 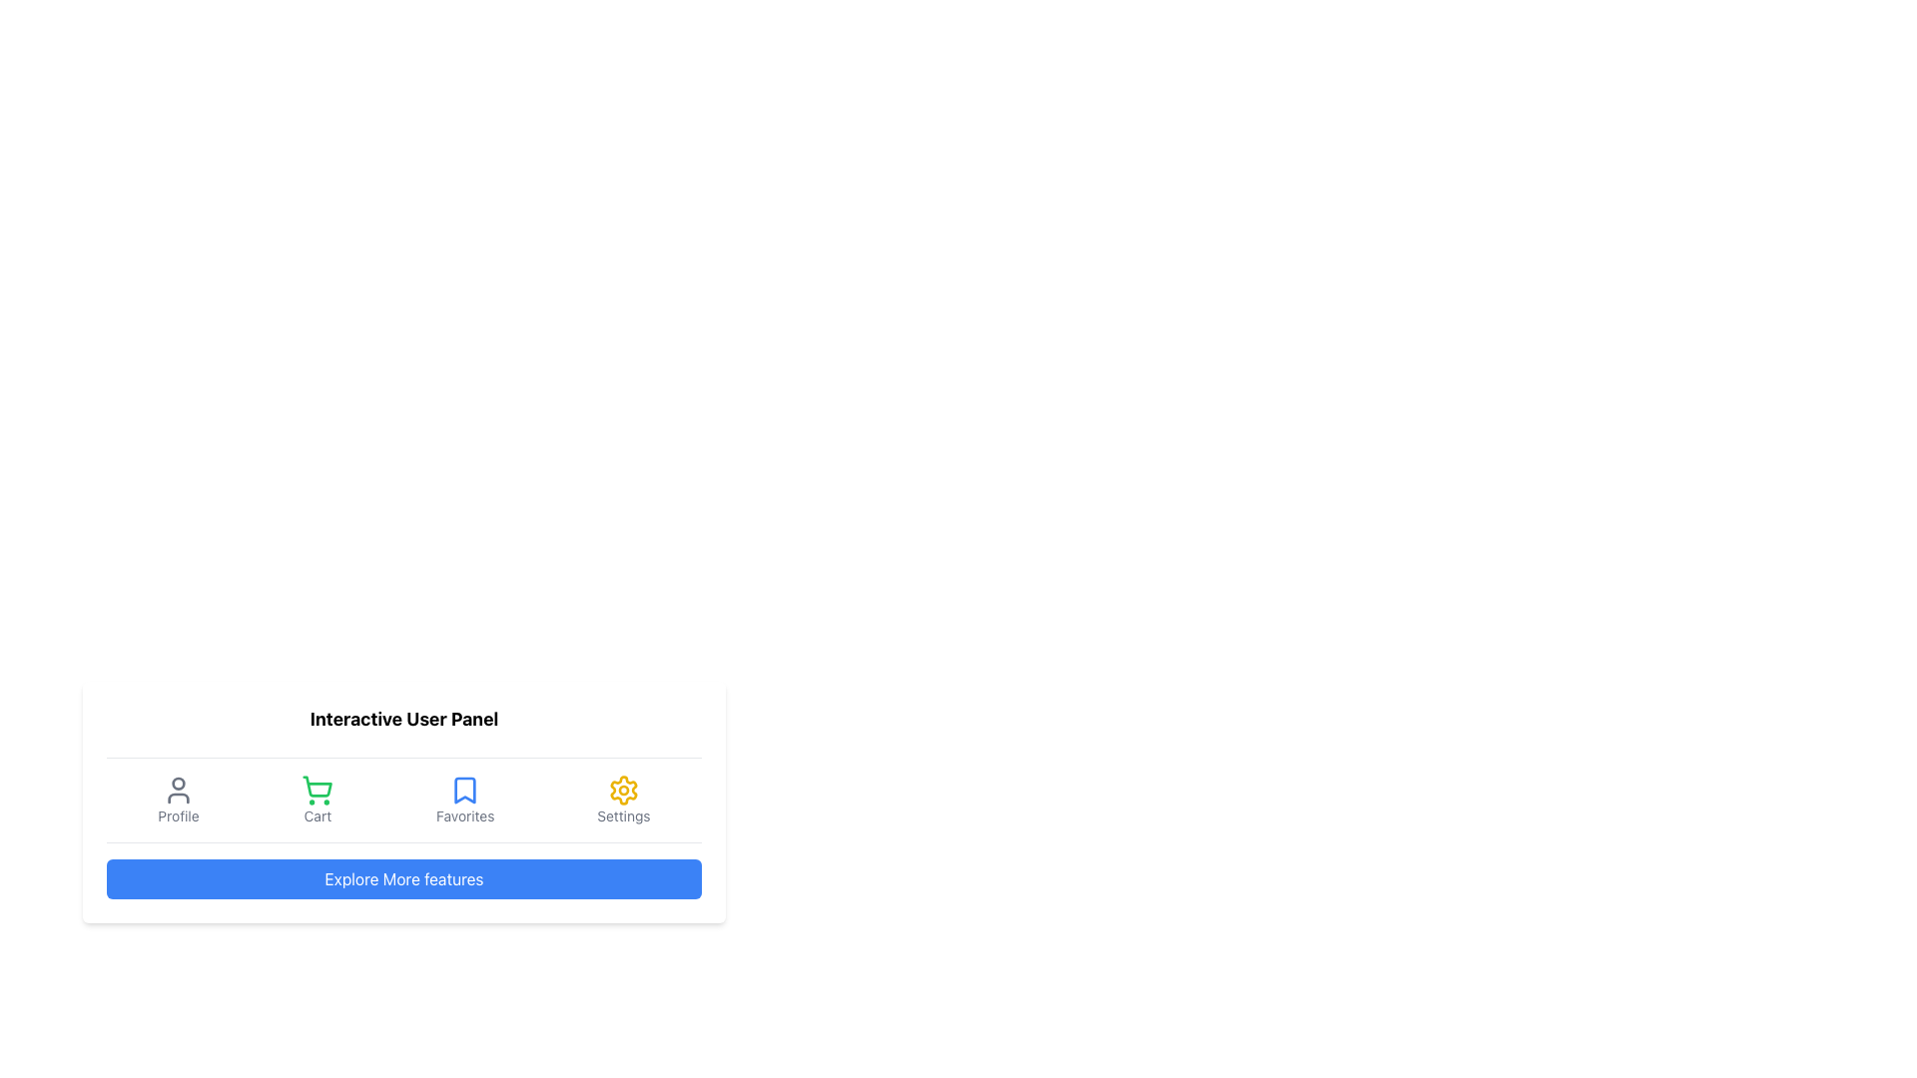 I want to click on the blue bookmark-shaped icon representing the favorites feature in the user panel, which is the third icon from the left, so click(x=464, y=789).